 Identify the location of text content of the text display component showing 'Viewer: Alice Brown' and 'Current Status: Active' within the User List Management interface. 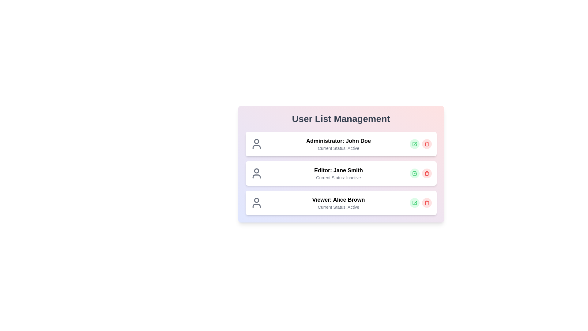
(338, 203).